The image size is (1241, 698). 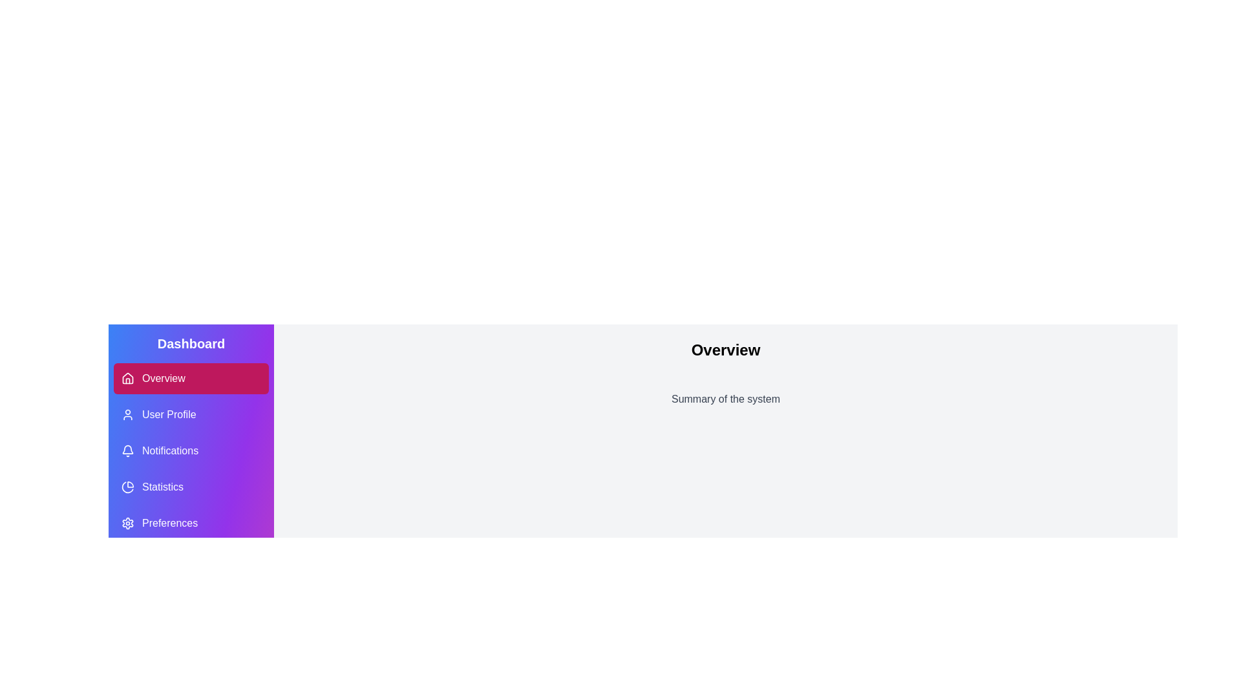 I want to click on the gear icon located in the left navigation bar under the 'Preferences' label, so click(x=127, y=523).